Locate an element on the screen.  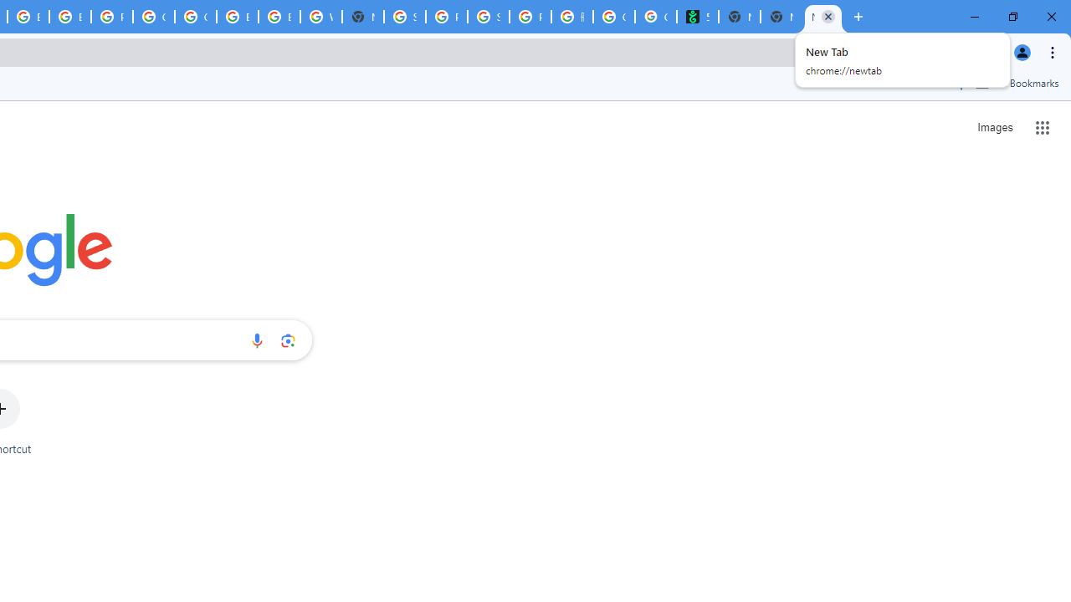
'Google apps' is located at coordinates (1042, 127).